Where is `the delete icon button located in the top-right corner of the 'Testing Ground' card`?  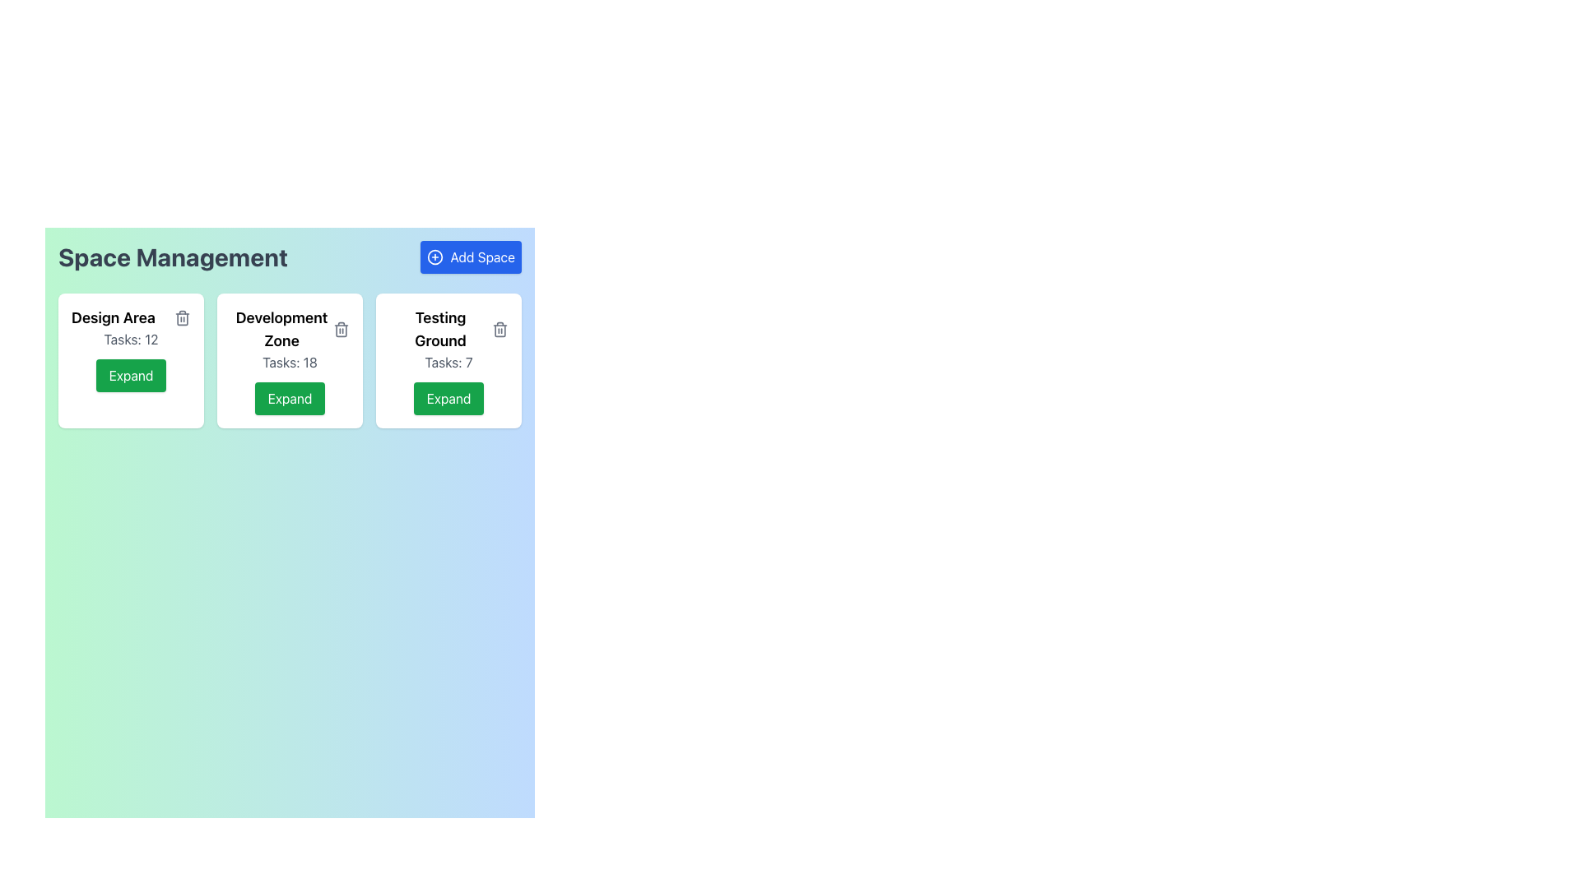
the delete icon button located in the top-right corner of the 'Testing Ground' card is located at coordinates (500, 330).